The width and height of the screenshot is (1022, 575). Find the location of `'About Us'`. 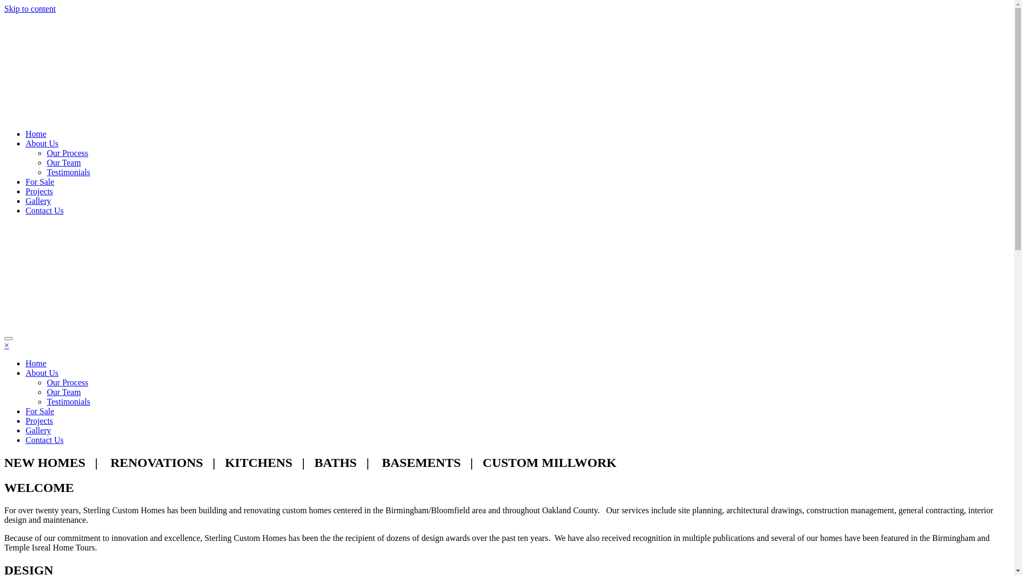

'About Us' is located at coordinates (42, 143).